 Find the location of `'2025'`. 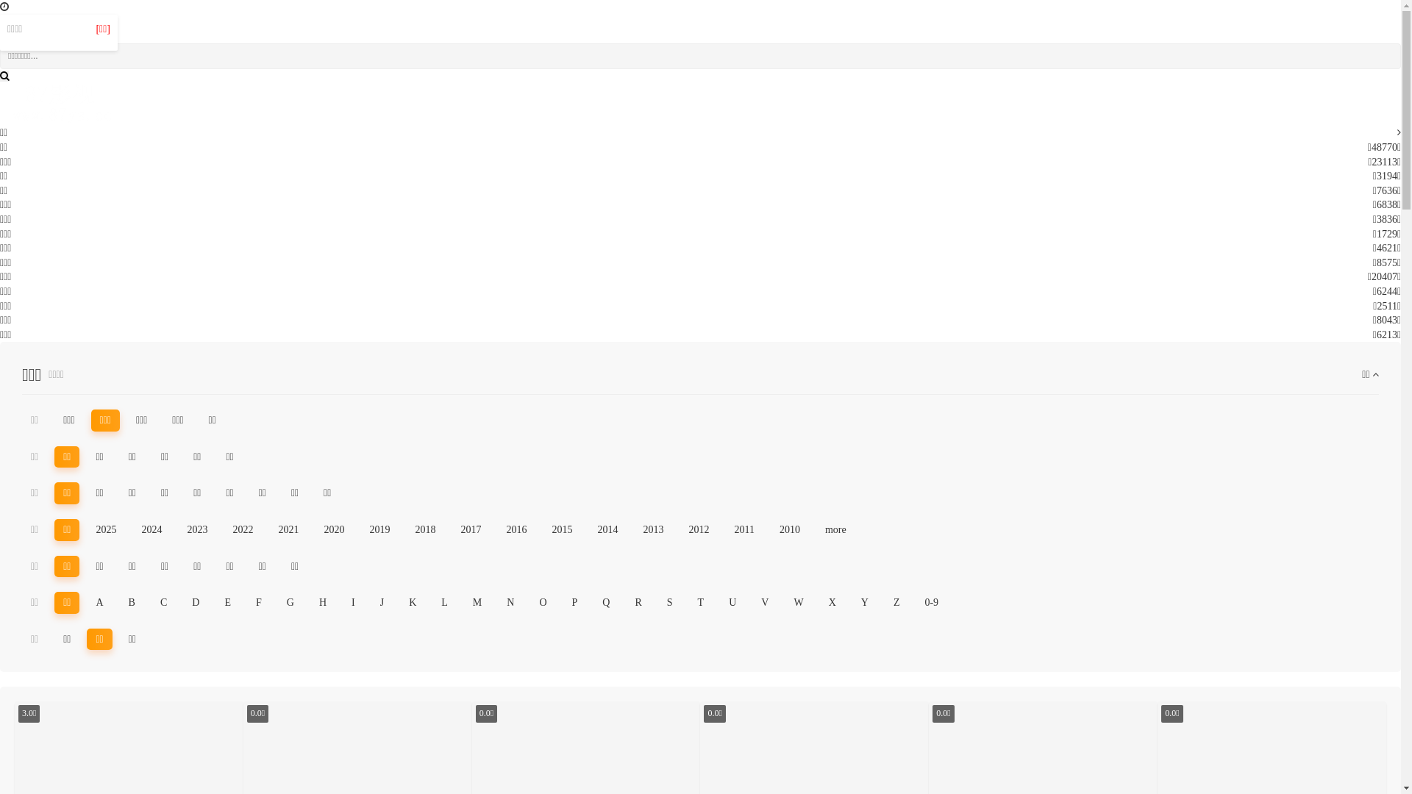

'2025' is located at coordinates (105, 530).